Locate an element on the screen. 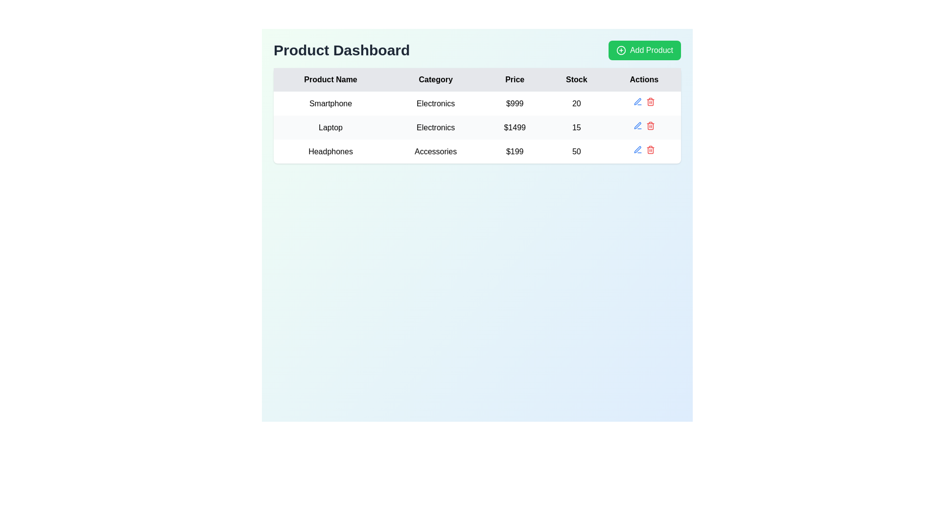 This screenshot has width=940, height=529. the circular icon with a plus sign located inside the green button next to the 'Add Product' label is located at coordinates (620, 50).